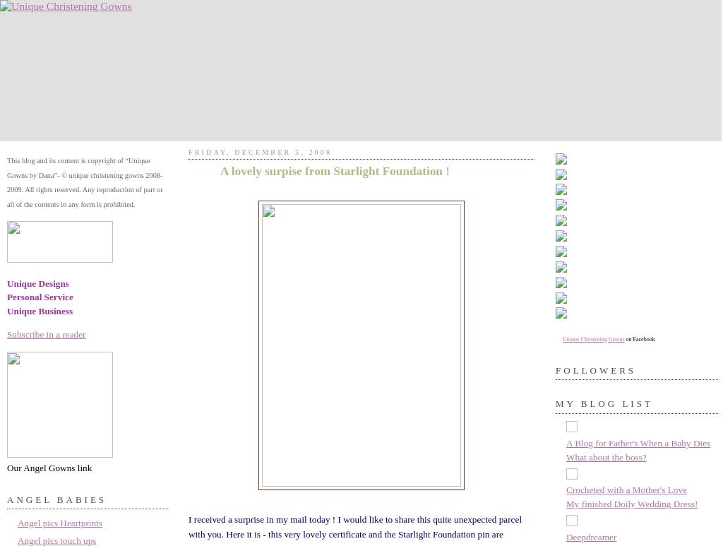 This screenshot has width=723, height=546. What do you see at coordinates (59, 521) in the screenshot?
I see `'Angel pics Heartprints'` at bounding box center [59, 521].